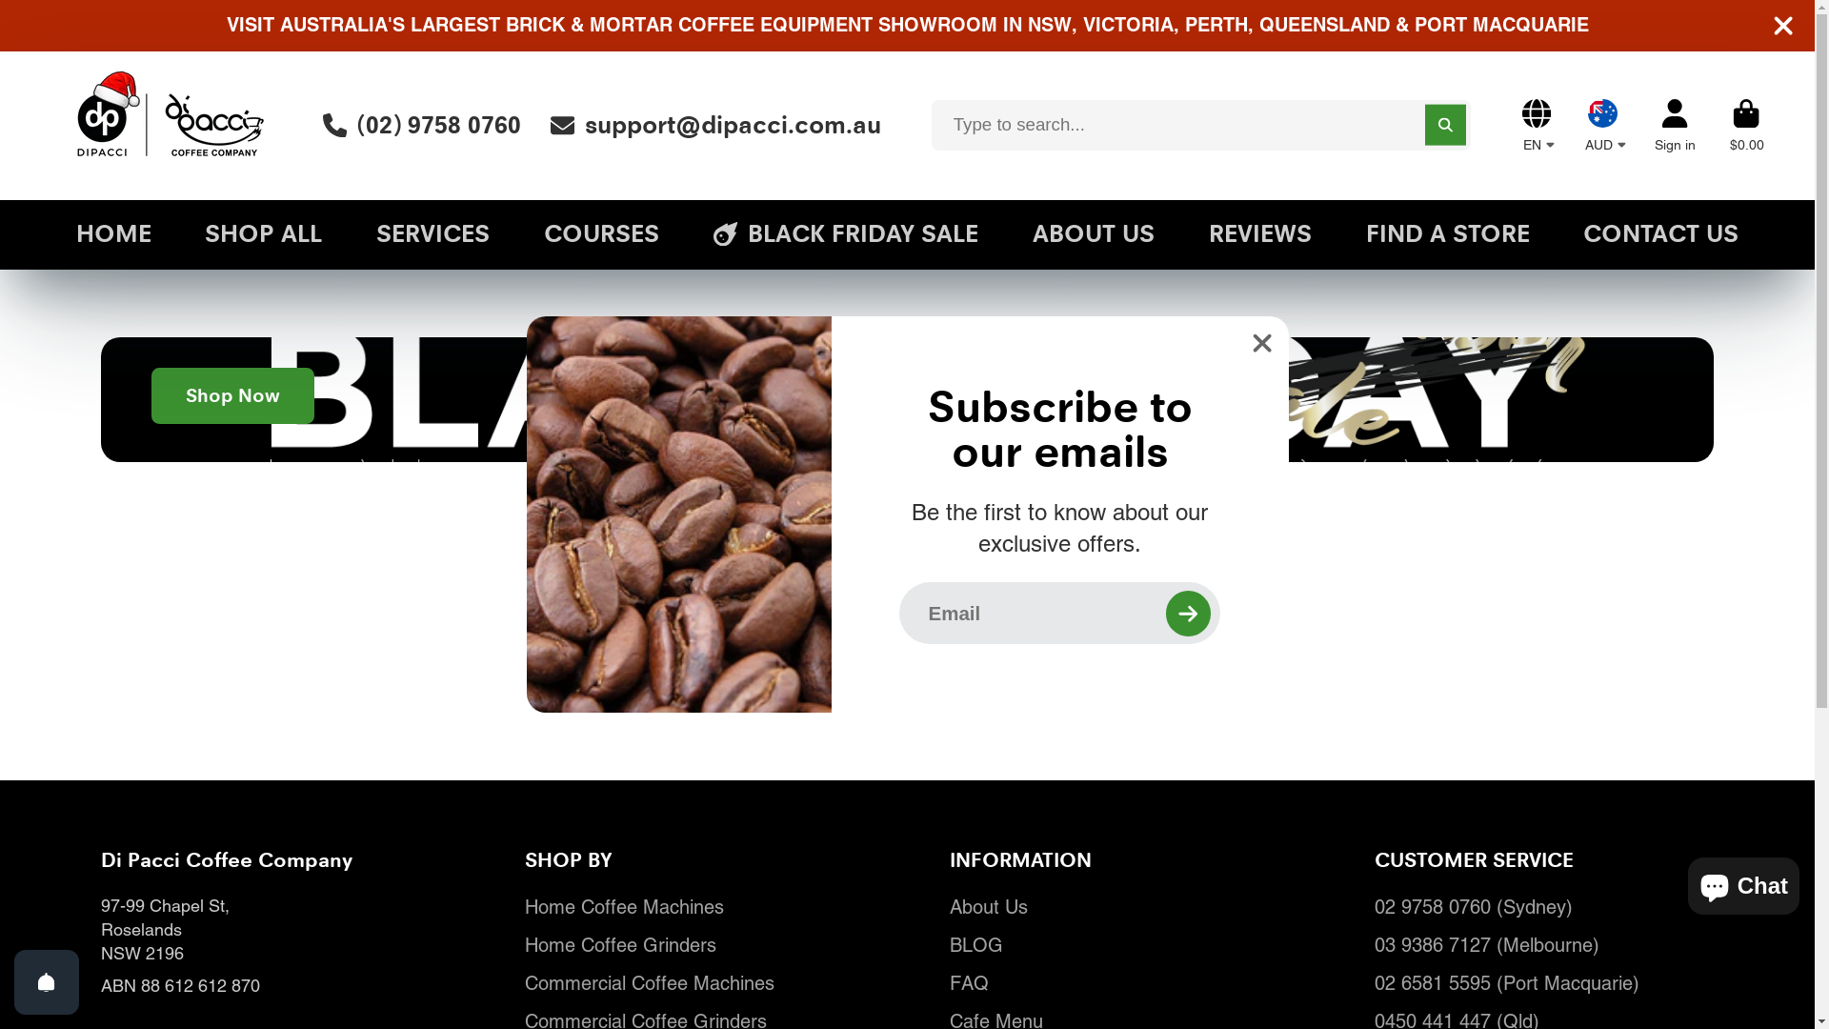 The height and width of the screenshot is (1029, 1829). What do you see at coordinates (1260, 232) in the screenshot?
I see `'REVIEWS'` at bounding box center [1260, 232].